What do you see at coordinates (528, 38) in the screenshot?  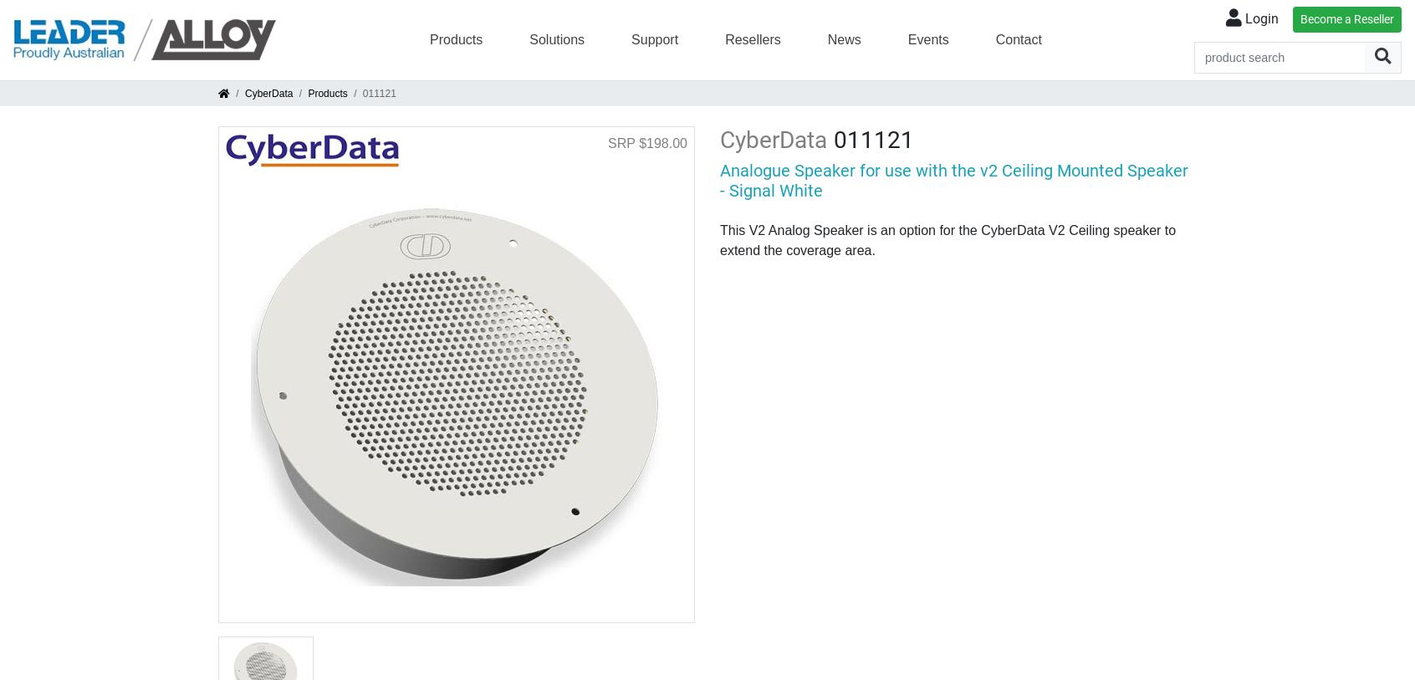 I see `'Solutions'` at bounding box center [528, 38].